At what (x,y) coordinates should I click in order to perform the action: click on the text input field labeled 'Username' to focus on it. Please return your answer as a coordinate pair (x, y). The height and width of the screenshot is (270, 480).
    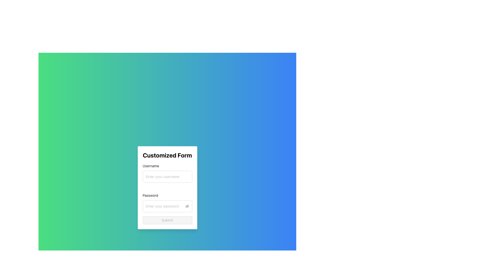
    Looking at the image, I should click on (167, 176).